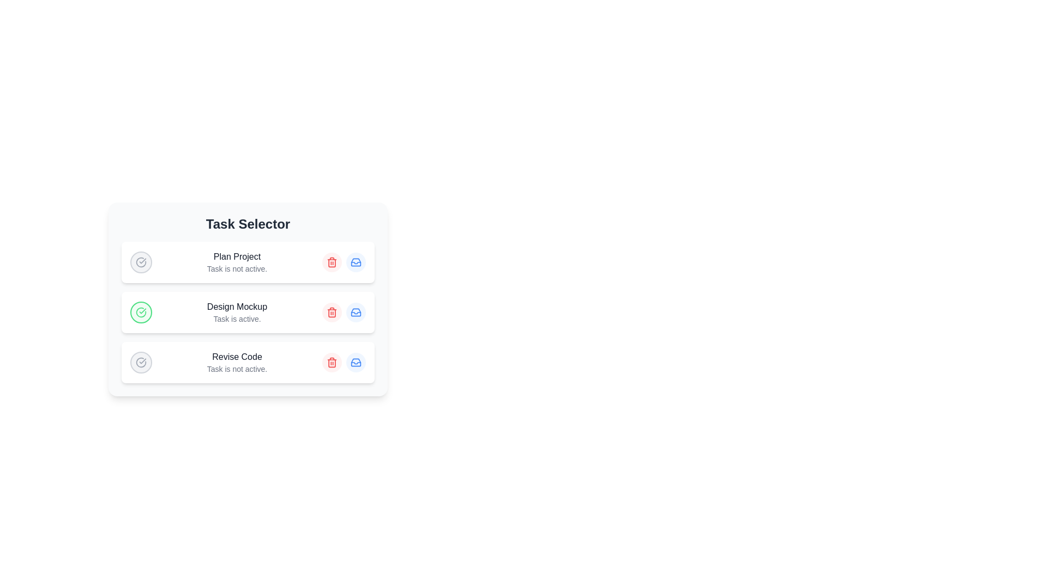 The image size is (1047, 588). Describe the element at coordinates (332, 363) in the screenshot. I see `the circular red button with a trash can icon located on the right side of the 'Revise Code' task row` at that location.